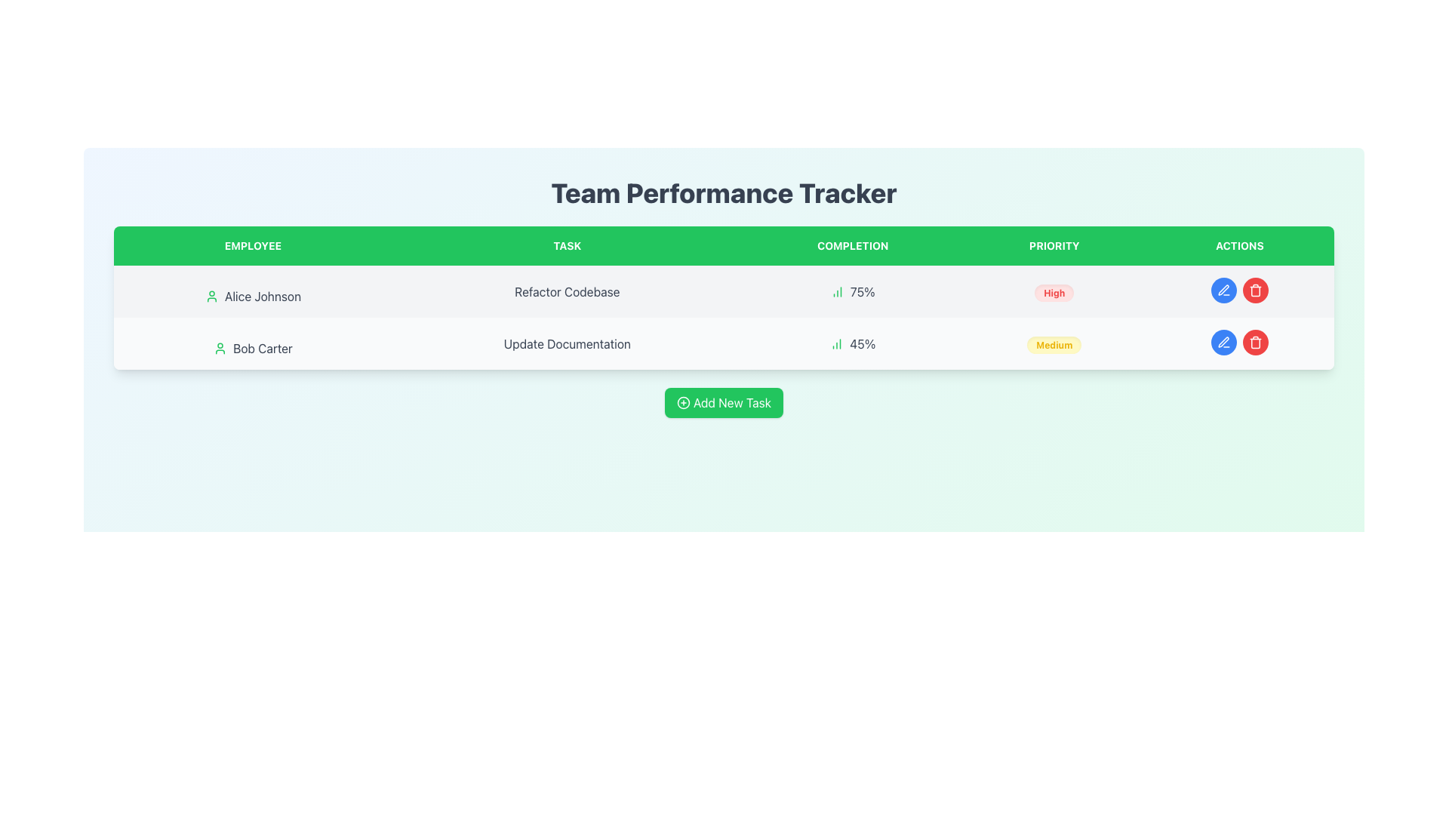  I want to click on text content of the Progress indicator showing '75%' in the COMPLETION column of the performance tracker interface, so click(853, 291).